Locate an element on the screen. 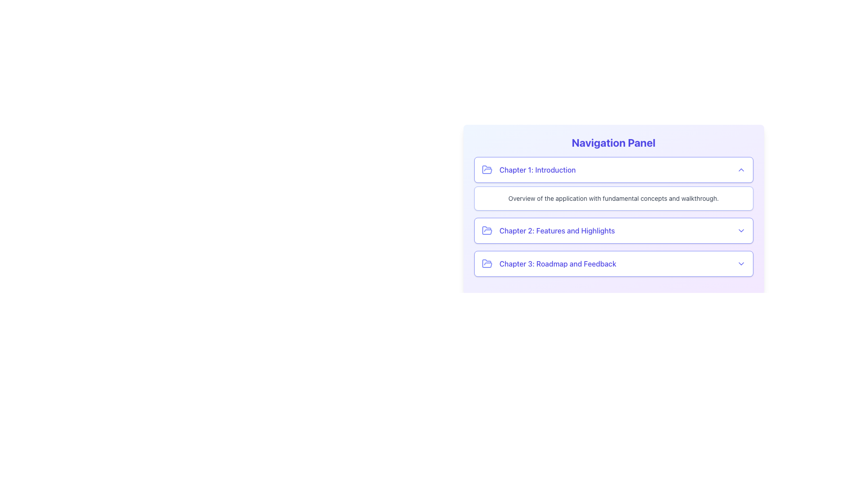  the folder icon representing 'Chapter 3: Roadmap and Feedback' located in the navigation panel to the left of the section title is located at coordinates (486, 263).